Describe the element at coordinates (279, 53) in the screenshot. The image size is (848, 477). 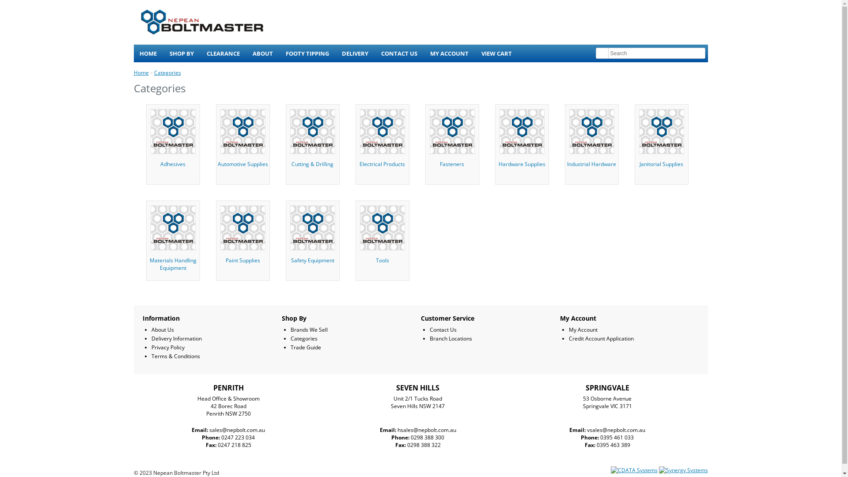
I see `'FOOTY TIPPING'` at that location.